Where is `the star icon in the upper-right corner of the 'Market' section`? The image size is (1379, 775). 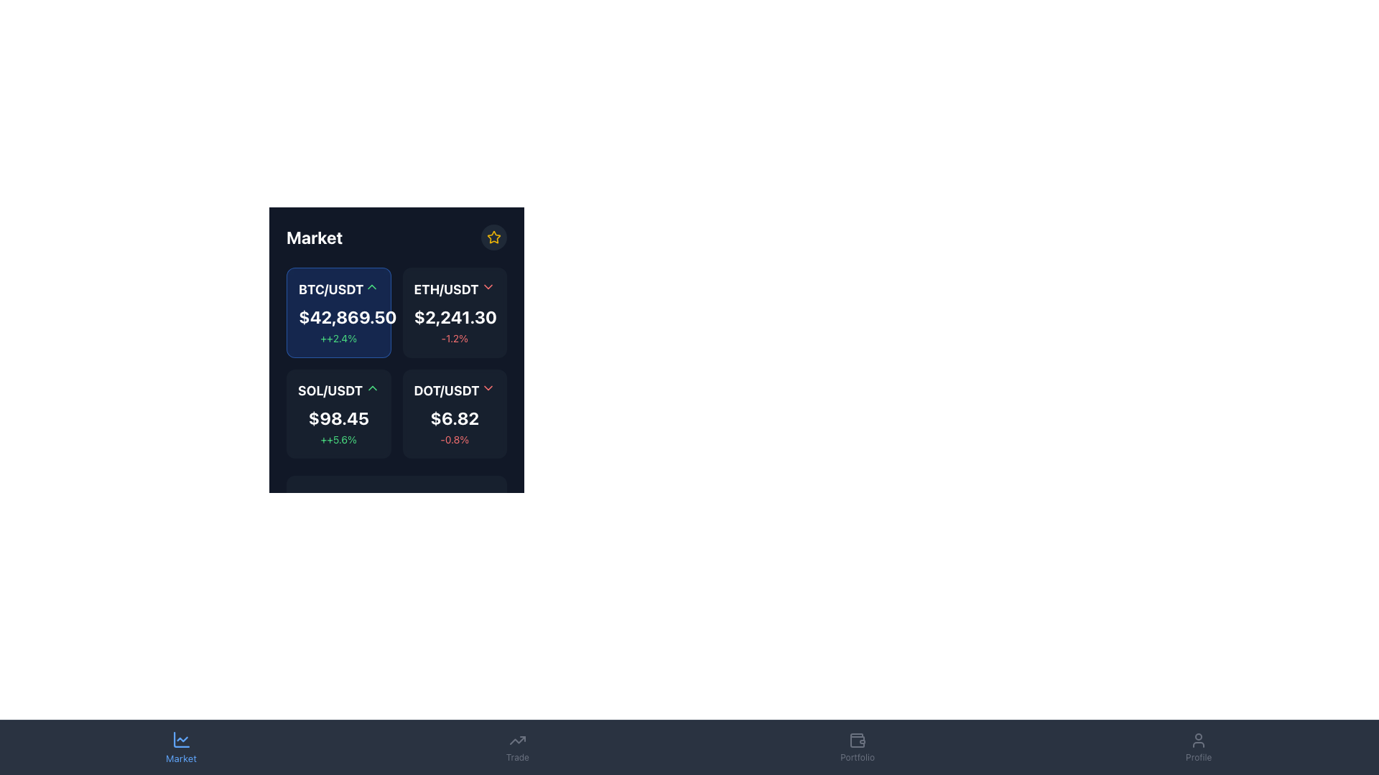 the star icon in the upper-right corner of the 'Market' section is located at coordinates (493, 237).